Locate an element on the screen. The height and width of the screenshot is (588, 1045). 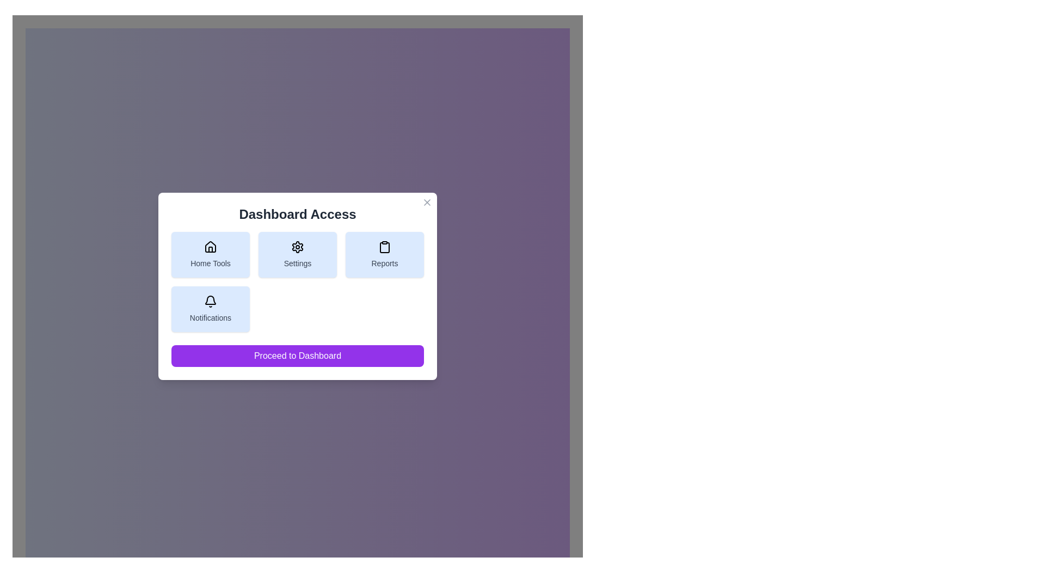
the gray close (X) button located at the top-right corner of the 'Dashboard Access' modal dialog is located at coordinates (427, 202).